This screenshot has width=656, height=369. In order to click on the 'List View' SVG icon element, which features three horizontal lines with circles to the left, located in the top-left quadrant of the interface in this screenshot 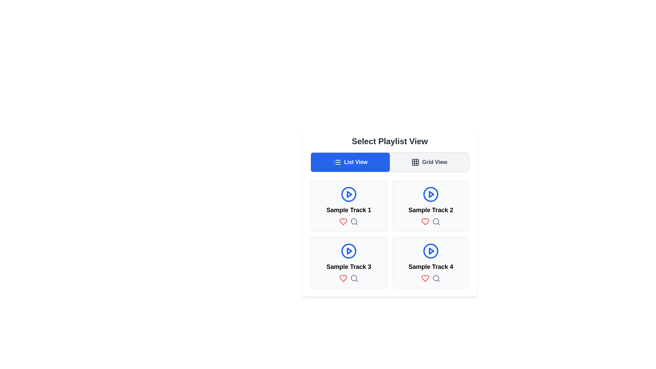, I will do `click(337, 162)`.